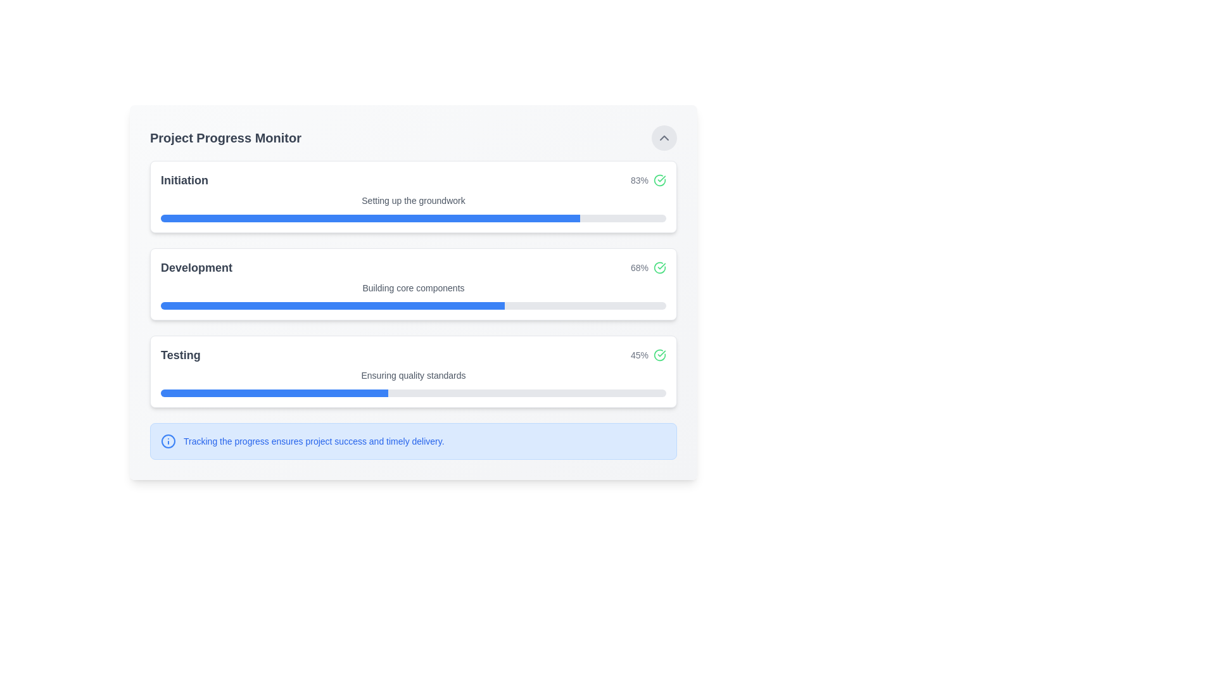  What do you see at coordinates (413, 393) in the screenshot?
I see `the Progress Bar that visually represents the progress of the 'Testing' phase, located beneath the text 'Ensuring quality standards.'` at bounding box center [413, 393].